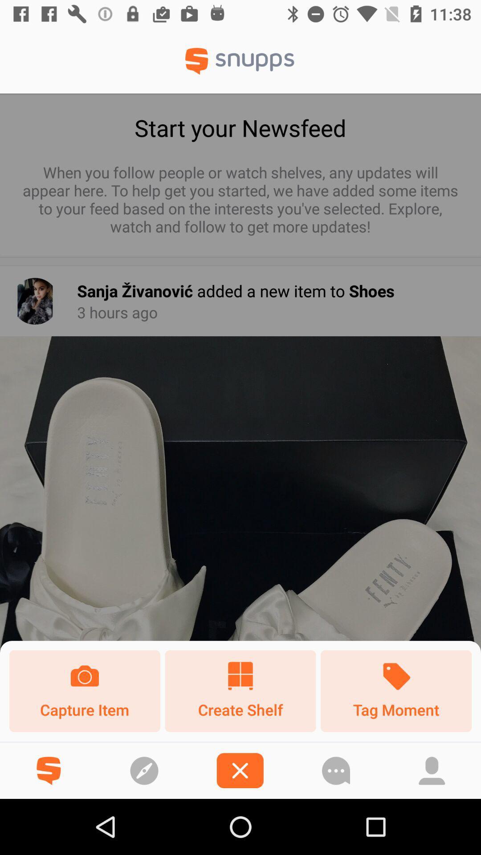  Describe the element at coordinates (240, 770) in the screenshot. I see `app` at that location.